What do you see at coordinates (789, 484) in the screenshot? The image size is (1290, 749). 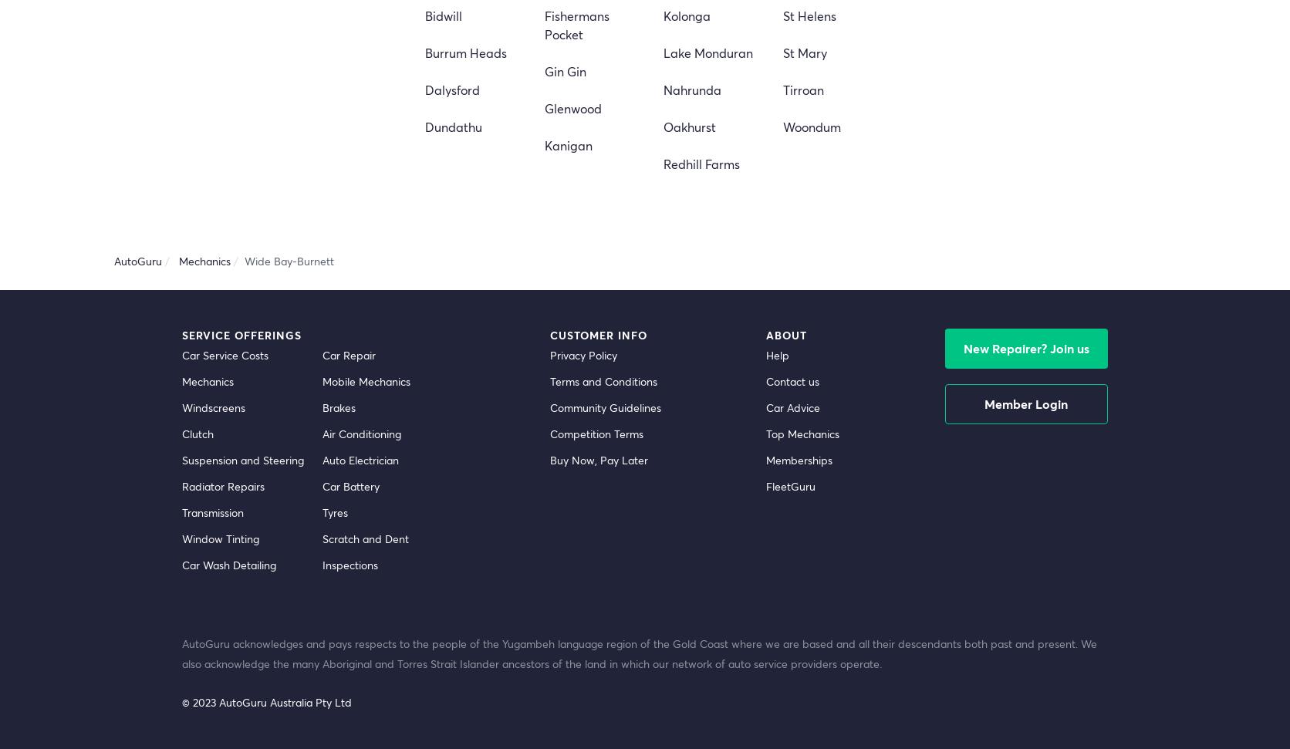 I see `'FleetGuru'` at bounding box center [789, 484].